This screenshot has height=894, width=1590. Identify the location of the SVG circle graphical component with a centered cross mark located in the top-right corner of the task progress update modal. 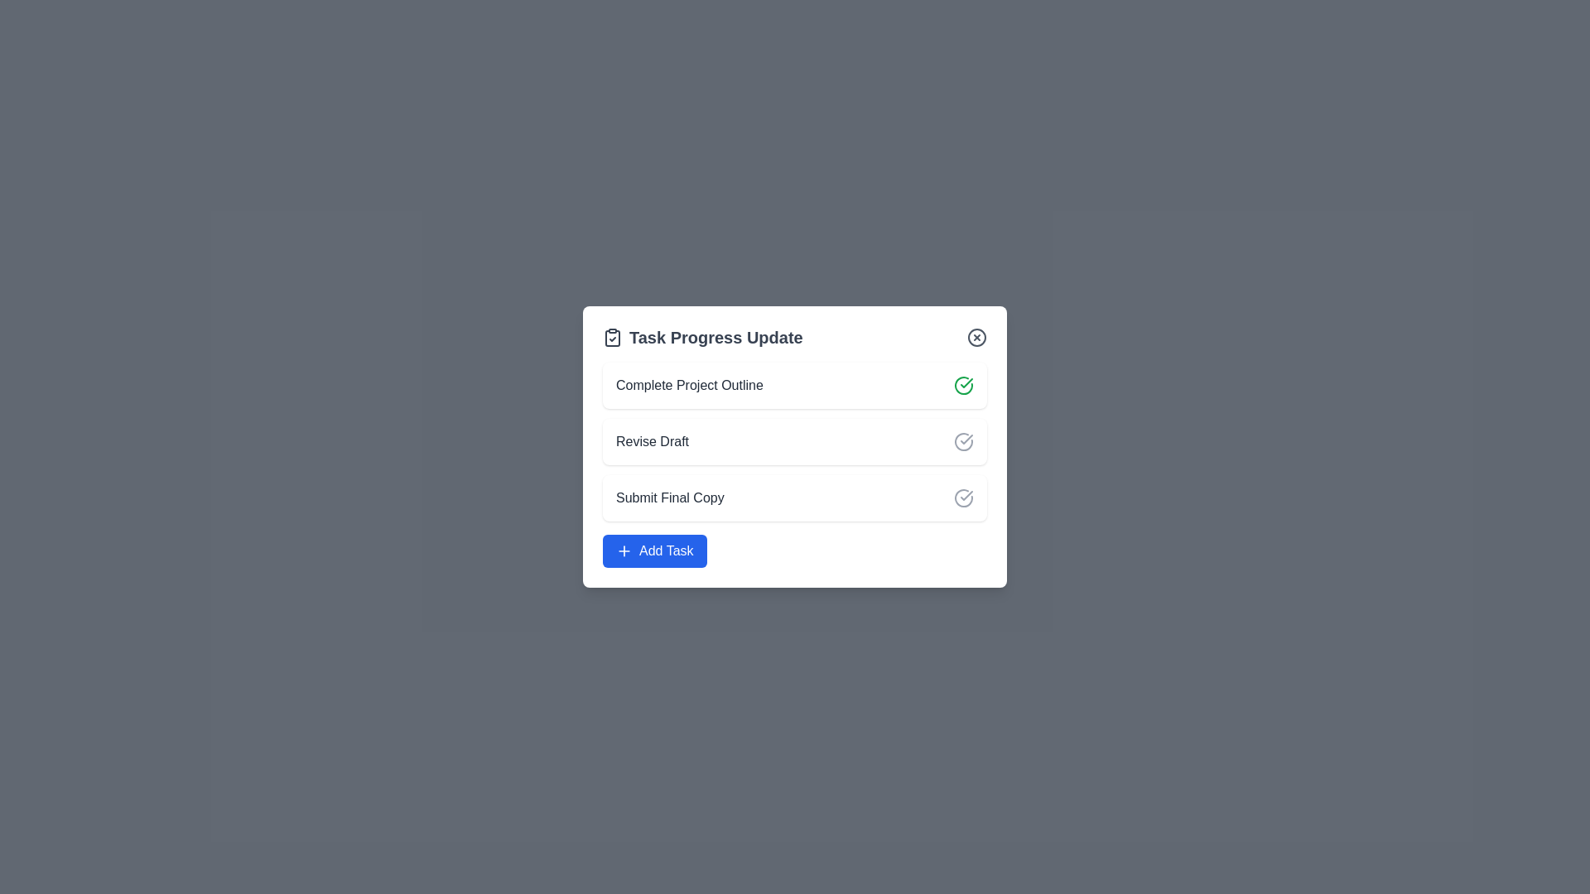
(977, 337).